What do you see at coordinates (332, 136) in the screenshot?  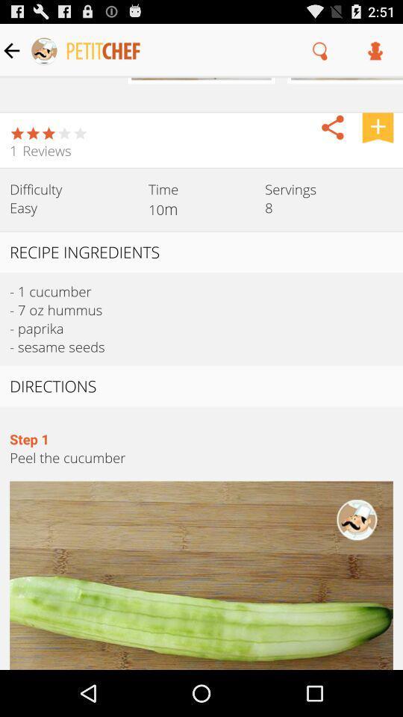 I see `the arrow_backward icon` at bounding box center [332, 136].